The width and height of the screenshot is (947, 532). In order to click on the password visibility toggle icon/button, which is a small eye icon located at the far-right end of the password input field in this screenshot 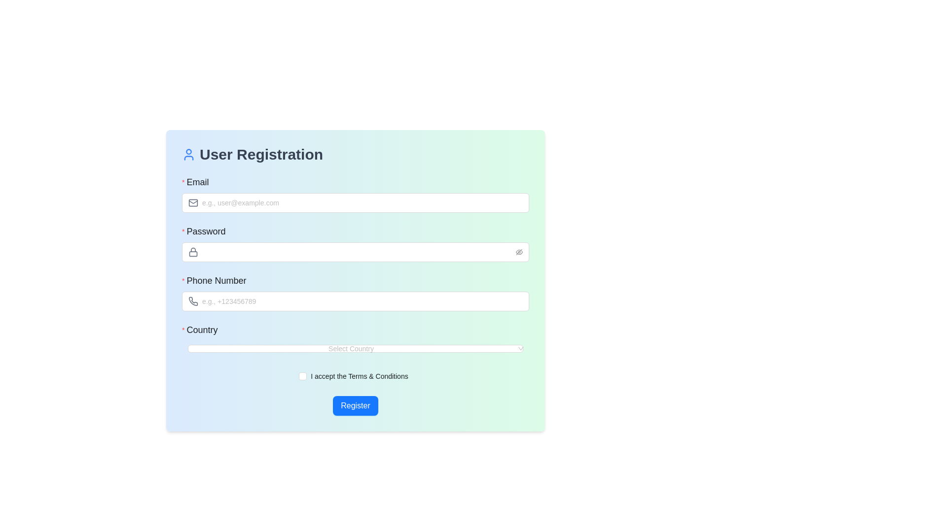, I will do `click(518, 252)`.